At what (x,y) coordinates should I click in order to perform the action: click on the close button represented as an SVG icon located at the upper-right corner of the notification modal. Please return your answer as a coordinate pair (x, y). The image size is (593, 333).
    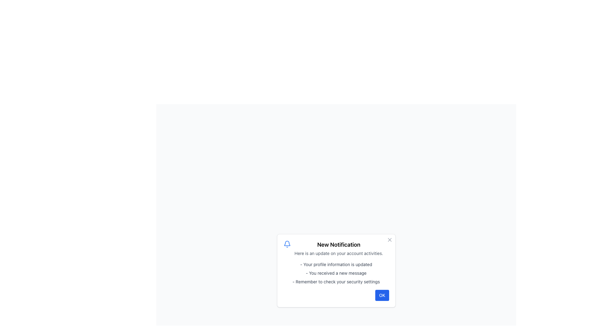
    Looking at the image, I should click on (389, 240).